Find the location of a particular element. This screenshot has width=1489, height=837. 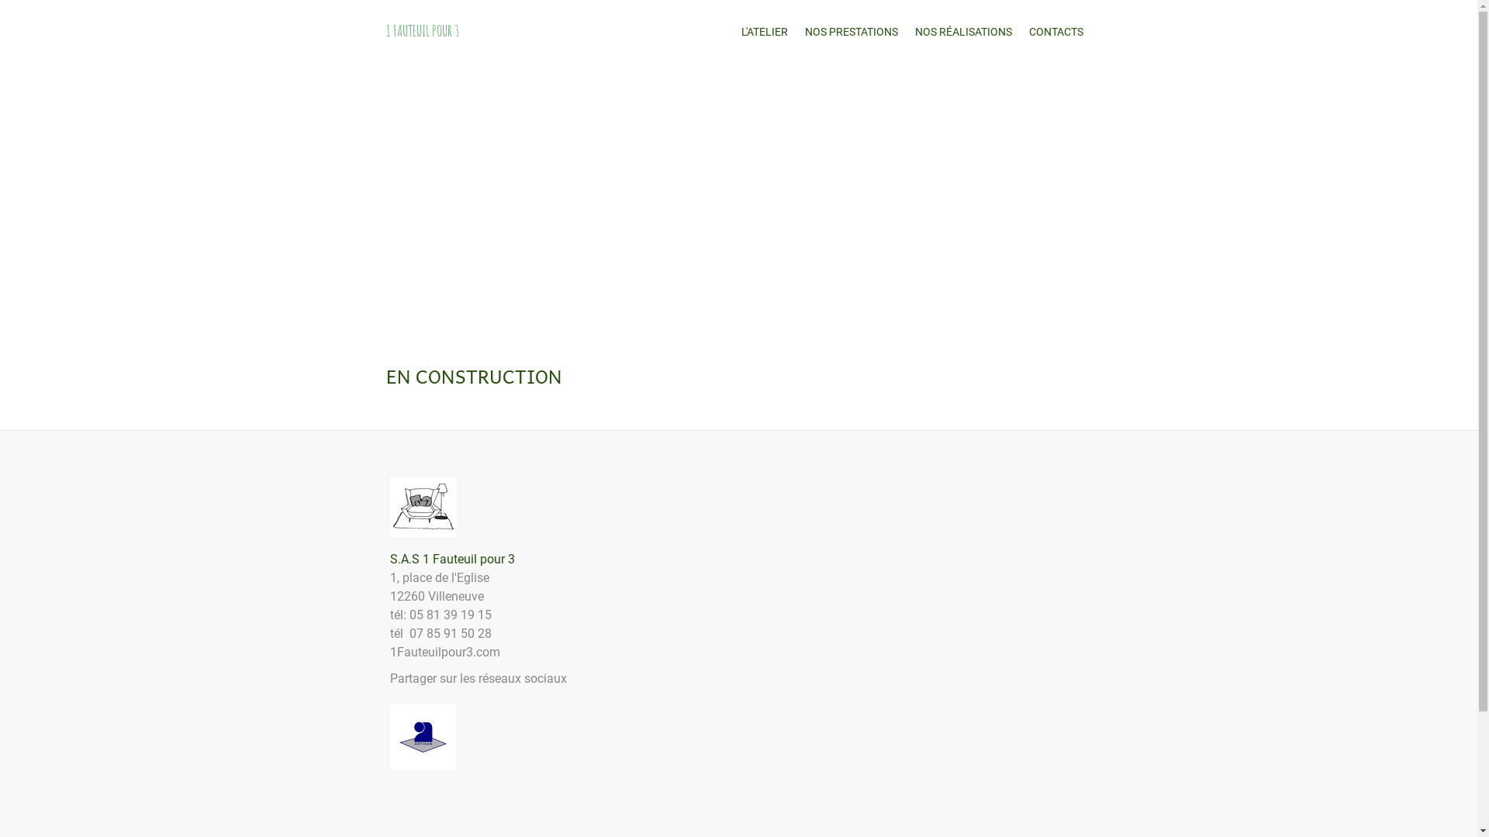

'NOS PRESTATIONS' is located at coordinates (796, 32).